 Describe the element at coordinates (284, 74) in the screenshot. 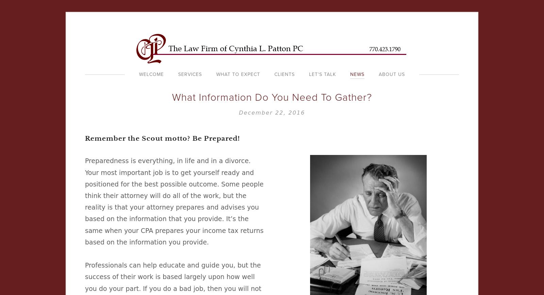

I see `'Clients'` at that location.